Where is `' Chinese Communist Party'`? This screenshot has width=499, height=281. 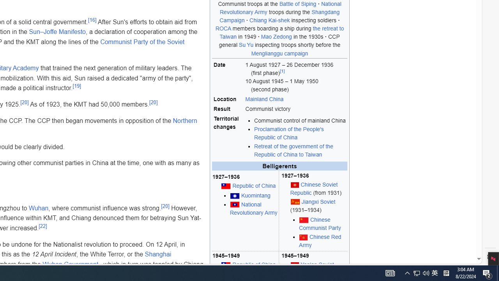 ' Chinese Communist Party' is located at coordinates (323, 224).